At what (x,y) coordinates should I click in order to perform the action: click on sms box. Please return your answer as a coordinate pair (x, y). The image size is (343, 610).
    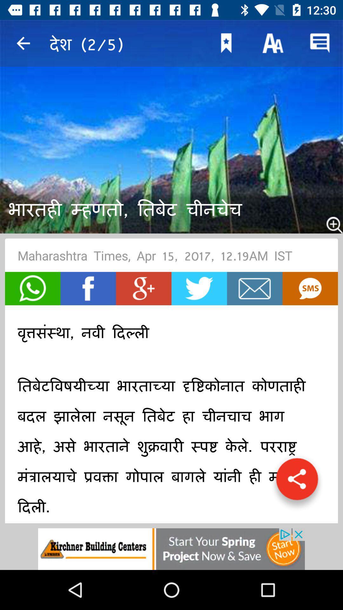
    Looking at the image, I should click on (310, 288).